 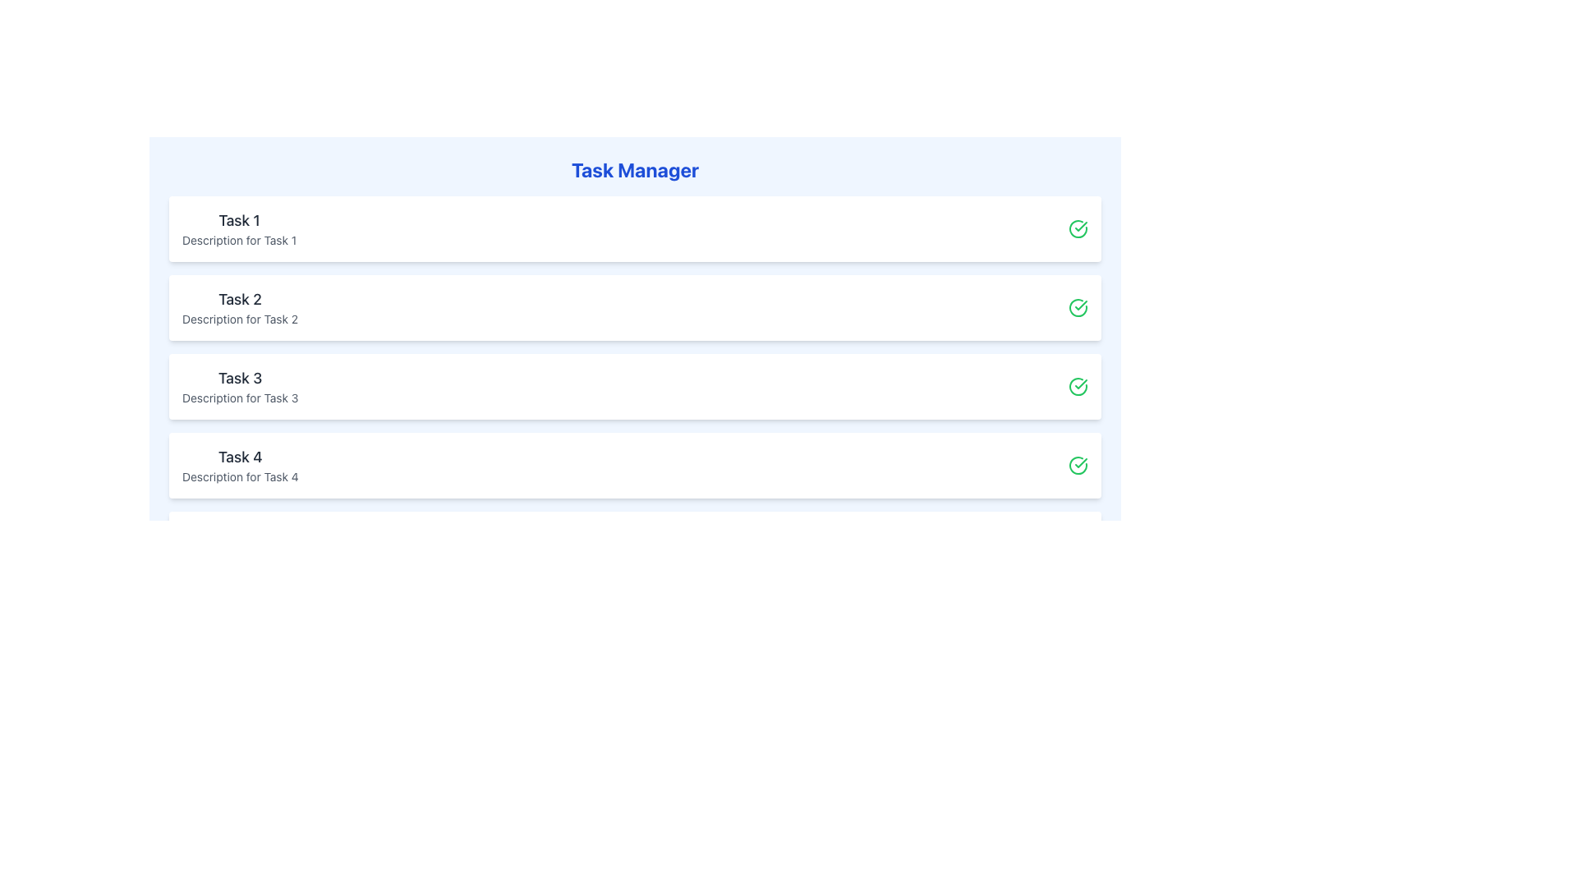 I want to click on the static text element displaying the title 'Task 4' and description 'Description for Task 4' in the fourth card of the task management interface, so click(x=239, y=466).